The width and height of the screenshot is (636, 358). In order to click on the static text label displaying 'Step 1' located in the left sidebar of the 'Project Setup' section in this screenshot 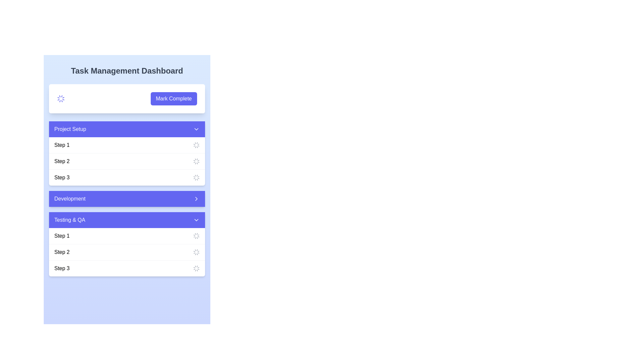, I will do `click(62, 145)`.